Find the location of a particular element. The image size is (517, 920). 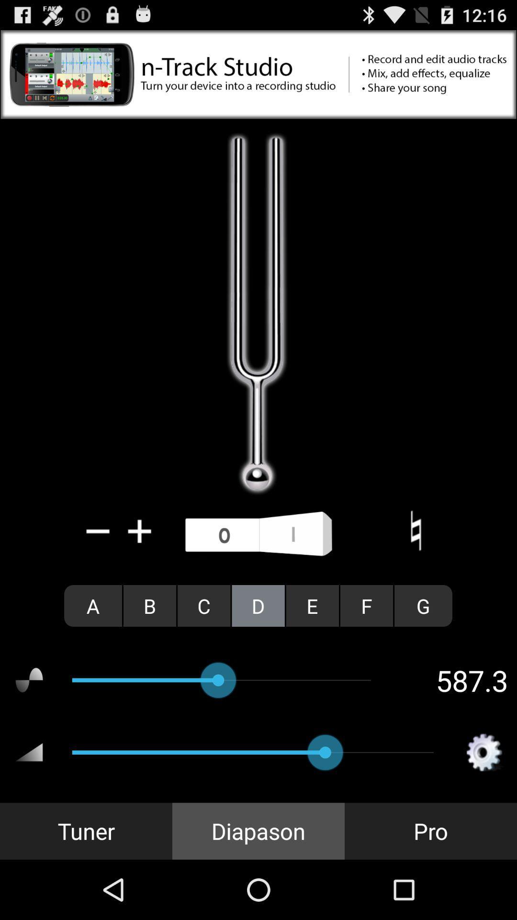

app in store is located at coordinates (258, 74).